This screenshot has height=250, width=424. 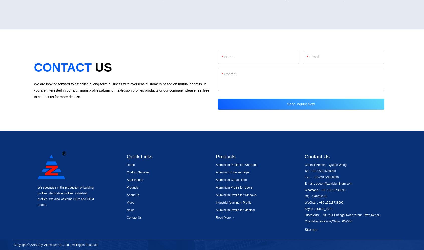 I want to click on 'Aluminium Profile for Windows', so click(x=236, y=195).